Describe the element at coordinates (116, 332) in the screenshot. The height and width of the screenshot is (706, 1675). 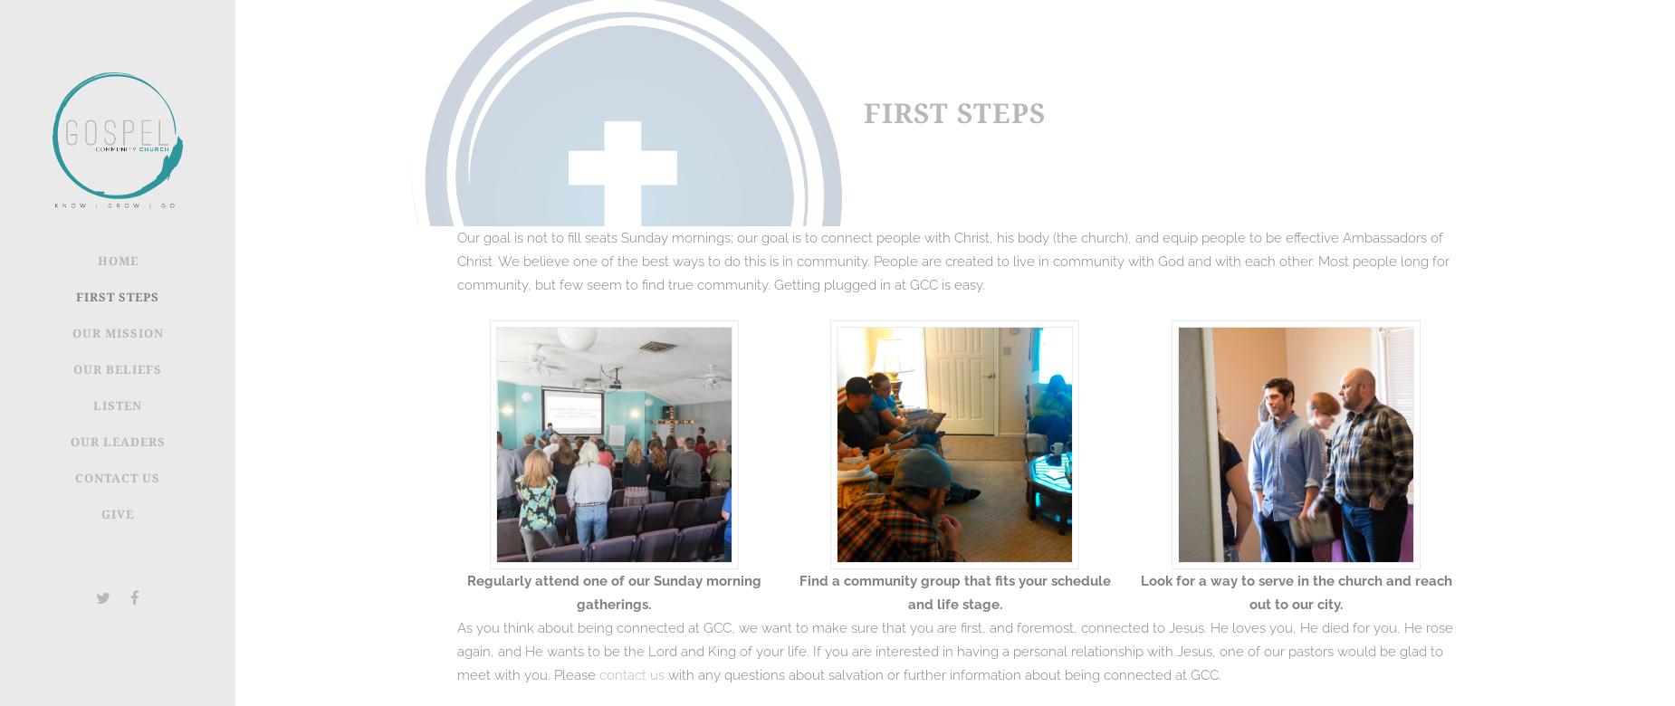
I see `'Our Mission'` at that location.